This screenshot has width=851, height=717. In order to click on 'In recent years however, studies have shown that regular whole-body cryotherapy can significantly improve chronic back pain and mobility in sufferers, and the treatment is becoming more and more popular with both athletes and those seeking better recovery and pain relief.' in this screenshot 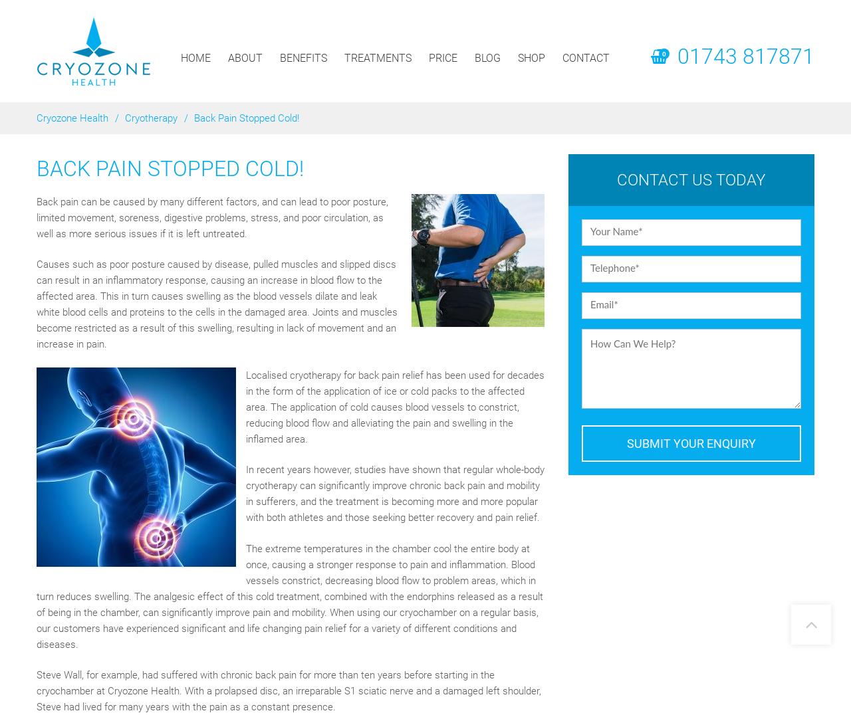, I will do `click(246, 492)`.